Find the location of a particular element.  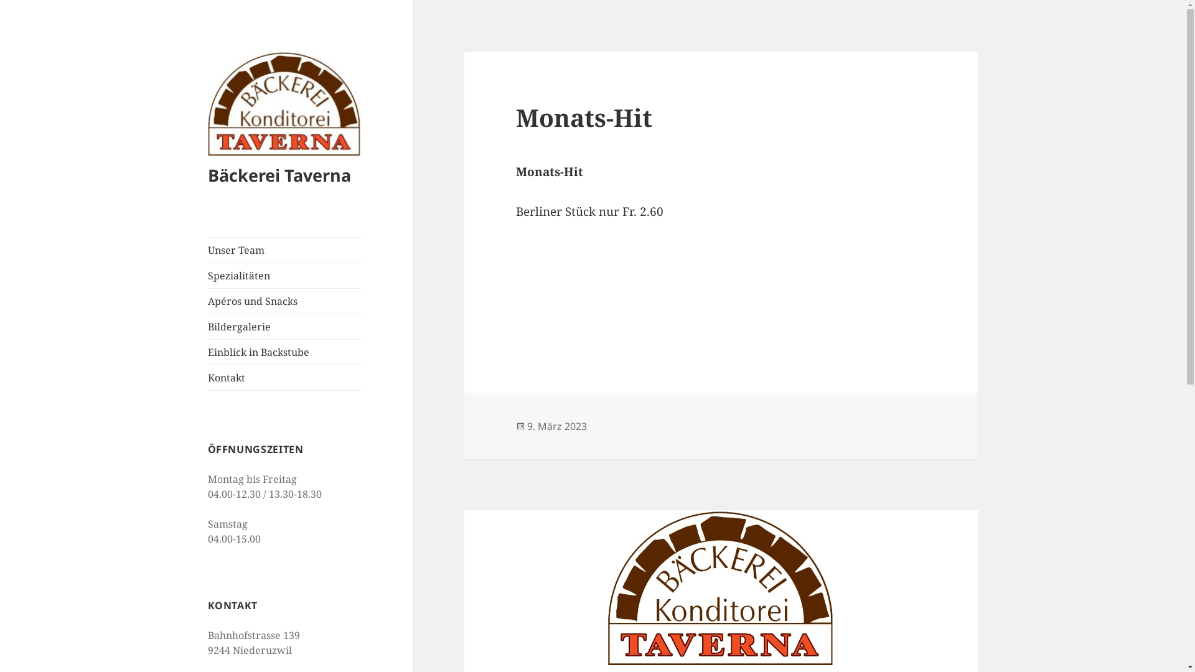

'Kontakt' is located at coordinates (284, 376).